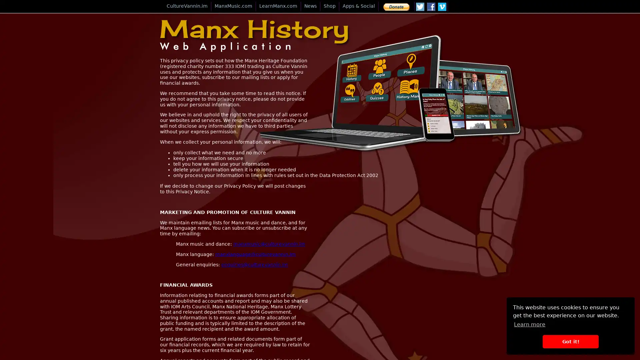  What do you see at coordinates (570, 341) in the screenshot?
I see `dismiss cookie message` at bounding box center [570, 341].